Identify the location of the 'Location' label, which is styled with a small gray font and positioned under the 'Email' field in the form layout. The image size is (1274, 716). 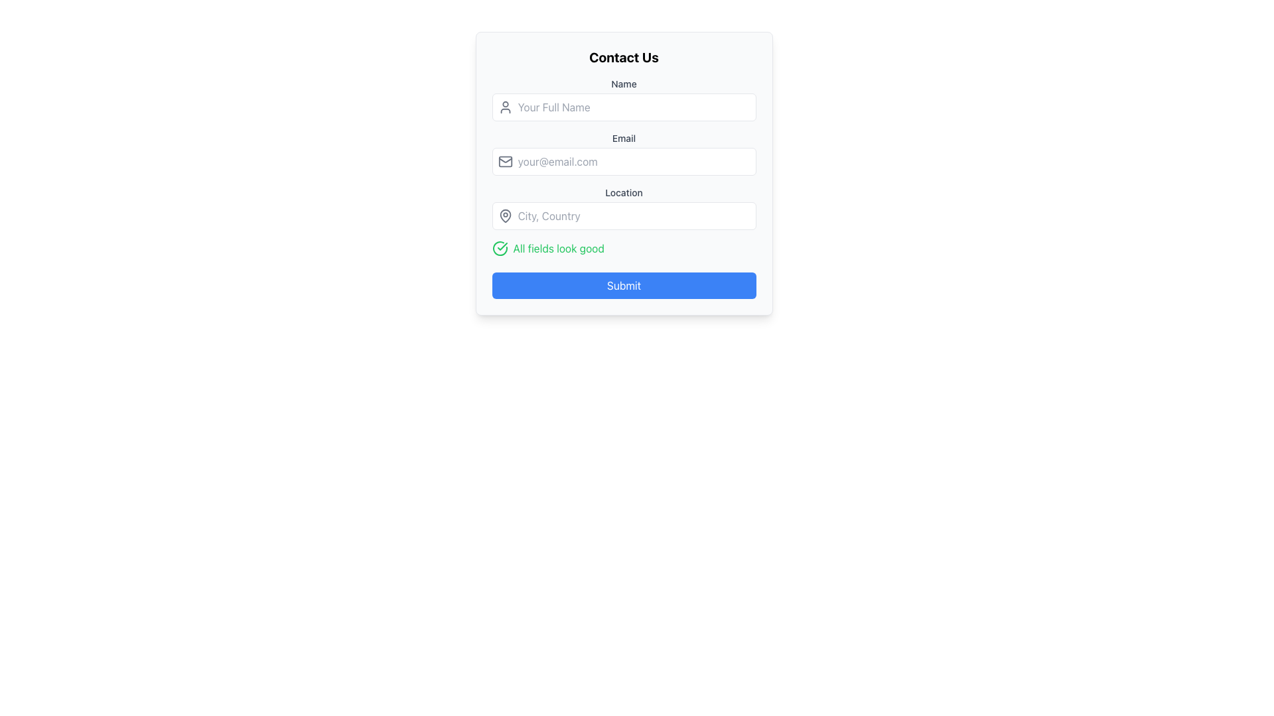
(623, 192).